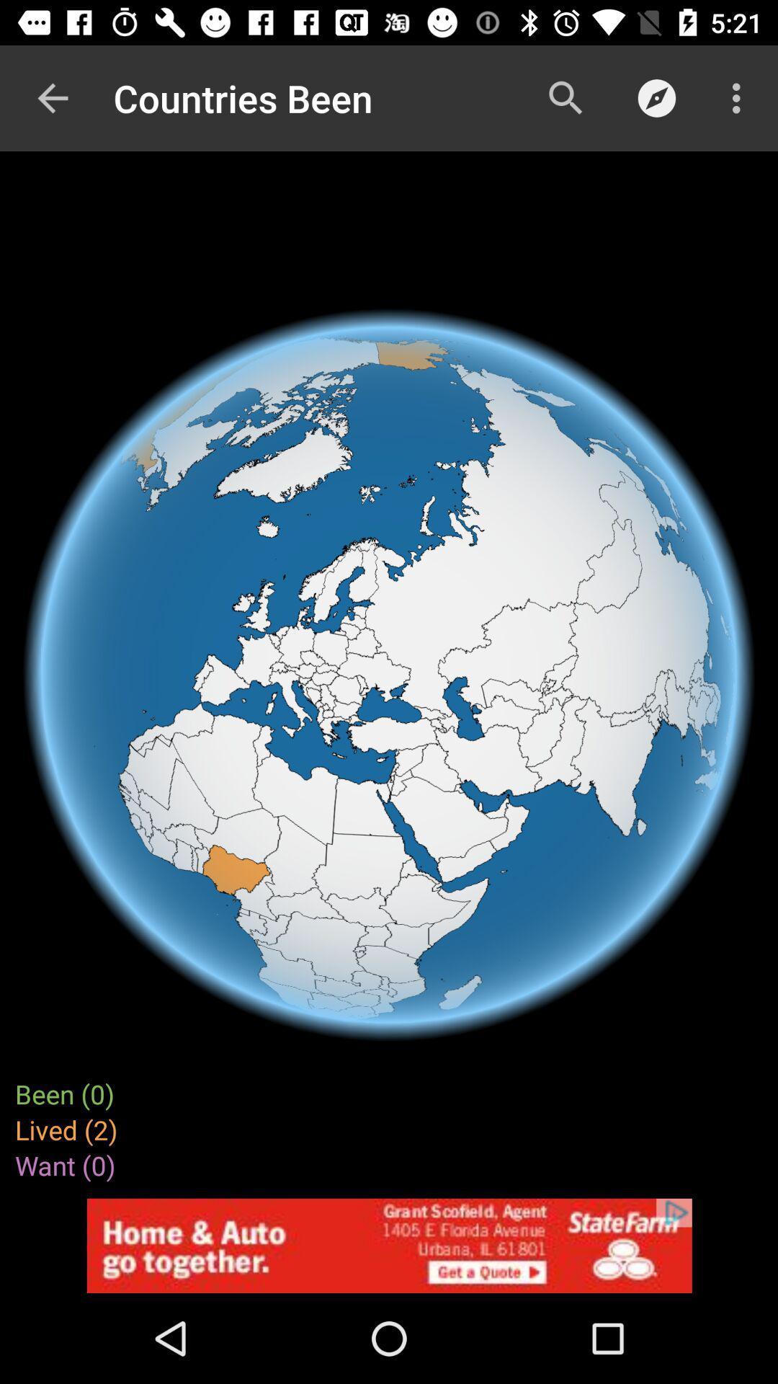 Image resolution: width=778 pixels, height=1384 pixels. What do you see at coordinates (389, 1245) in the screenshot?
I see `advertisement` at bounding box center [389, 1245].